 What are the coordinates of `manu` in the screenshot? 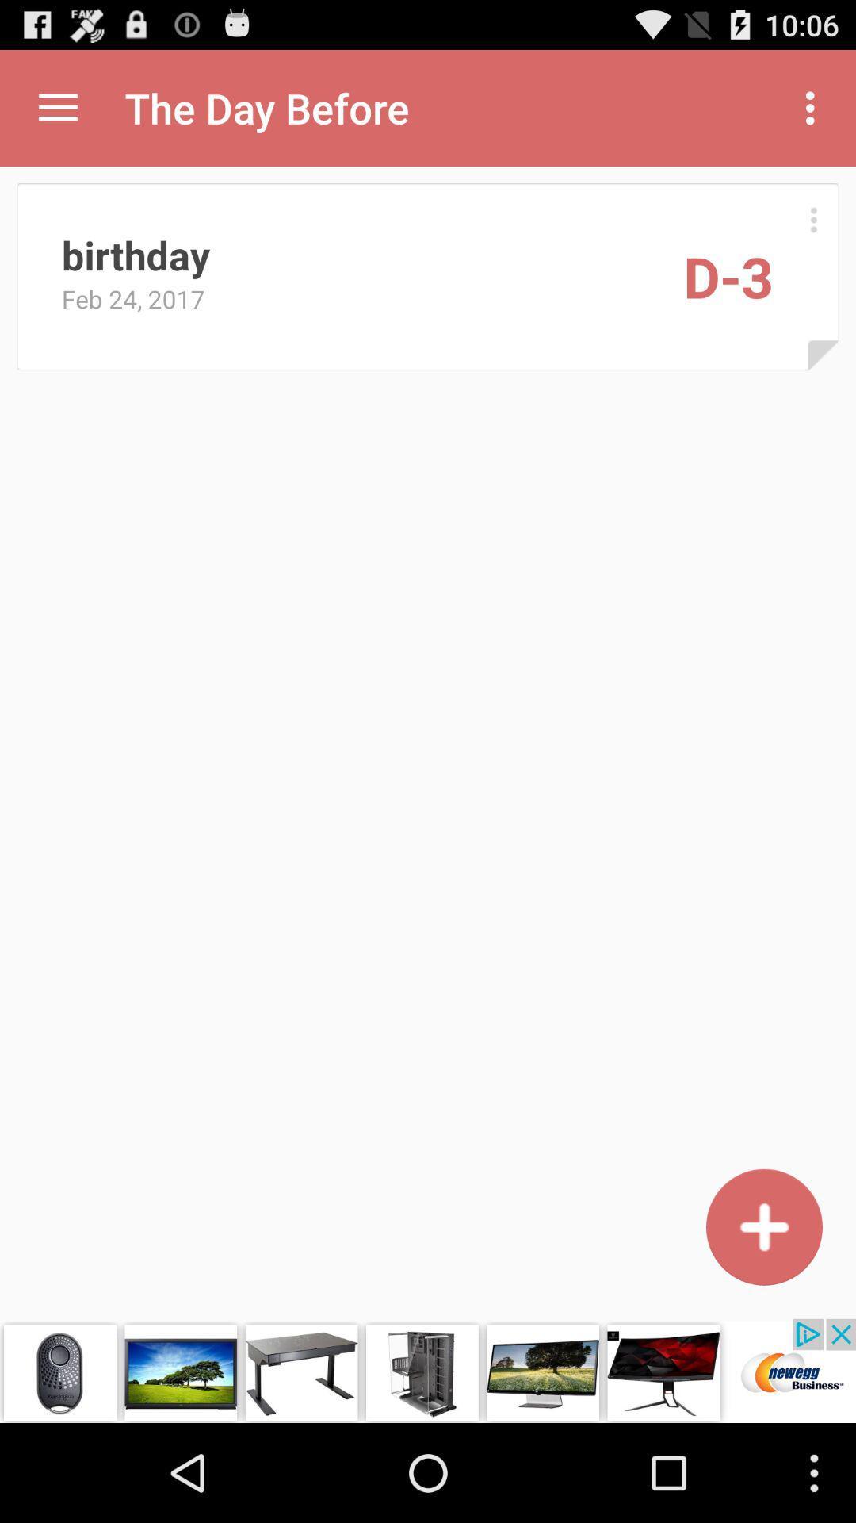 It's located at (813, 219).